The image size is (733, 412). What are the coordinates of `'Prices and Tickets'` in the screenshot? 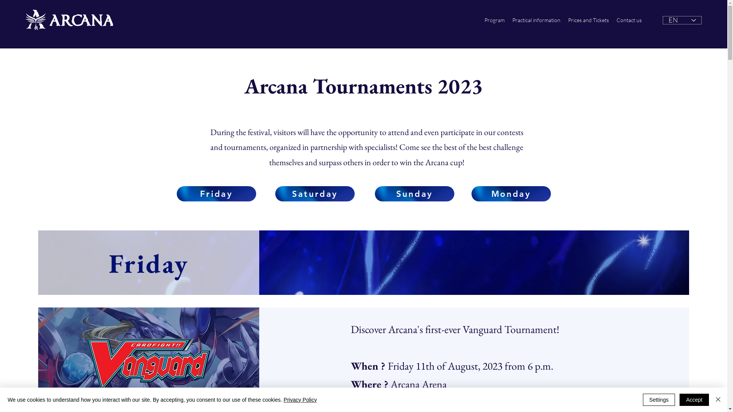 It's located at (588, 20).